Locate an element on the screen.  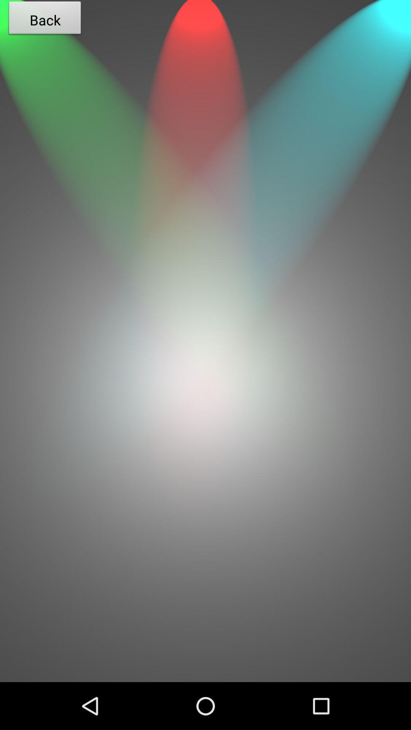
wallpaper display is located at coordinates (205, 557).